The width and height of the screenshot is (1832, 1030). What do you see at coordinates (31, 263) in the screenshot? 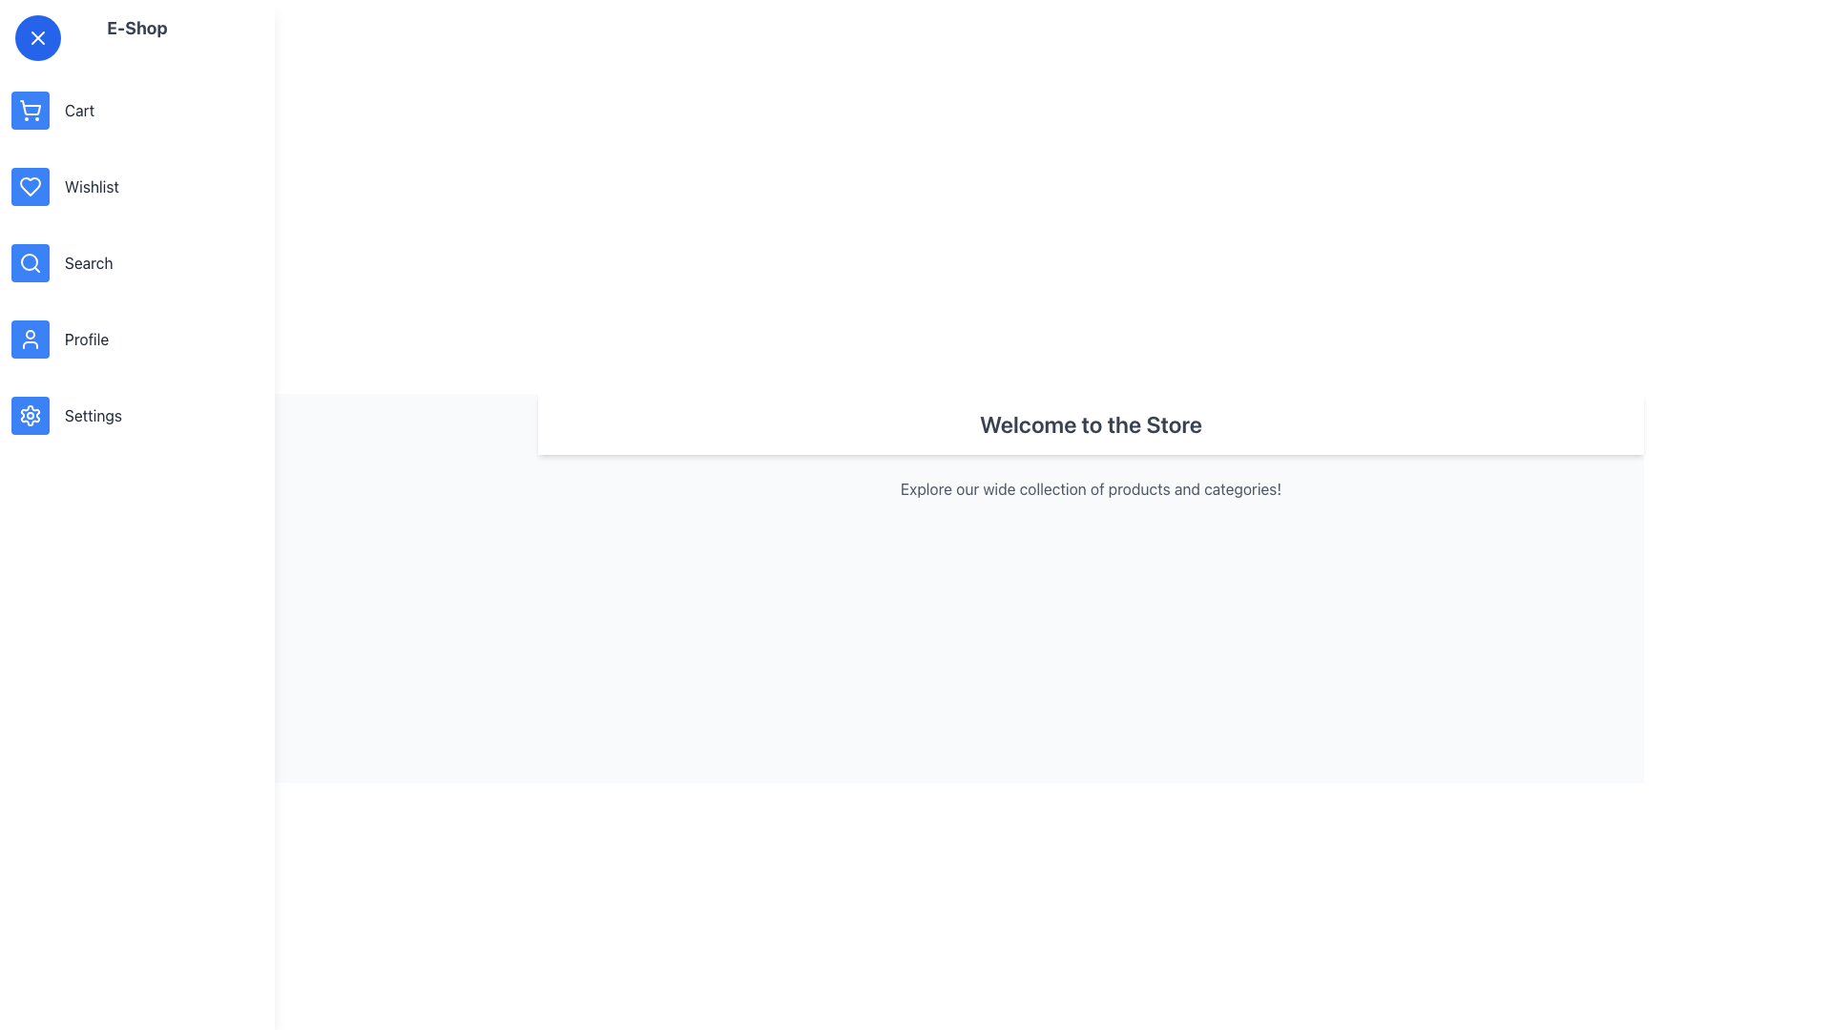
I see `the search icon button located in the left navigation menu, positioned between the 'Wishlist' and 'Profile' items` at bounding box center [31, 263].